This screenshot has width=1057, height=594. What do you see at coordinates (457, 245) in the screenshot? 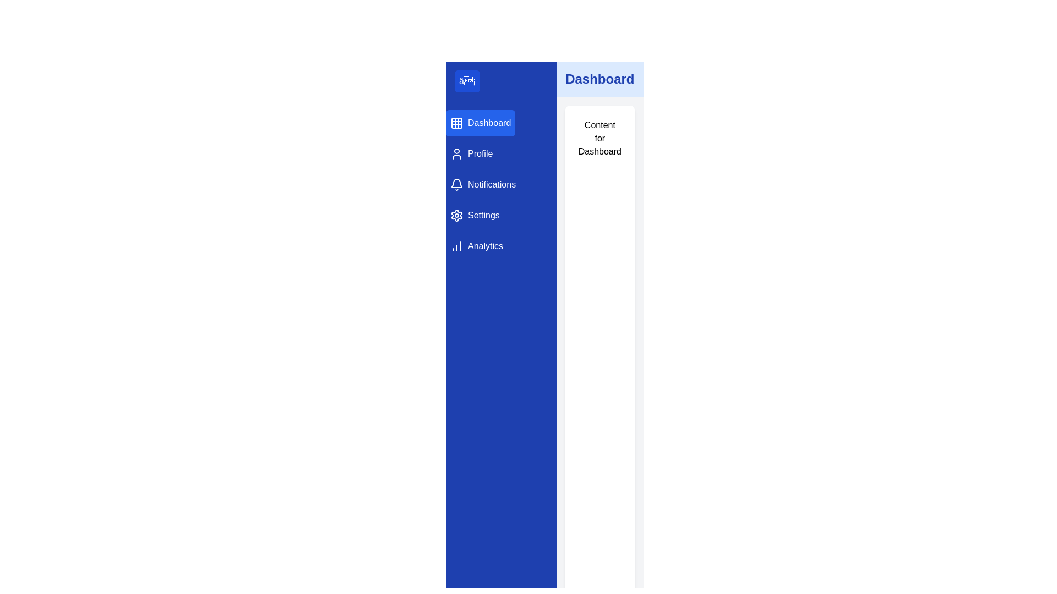
I see `the Analytics icon located in the left navigation panel, positioned to the left of the text label 'Analytics'` at bounding box center [457, 245].